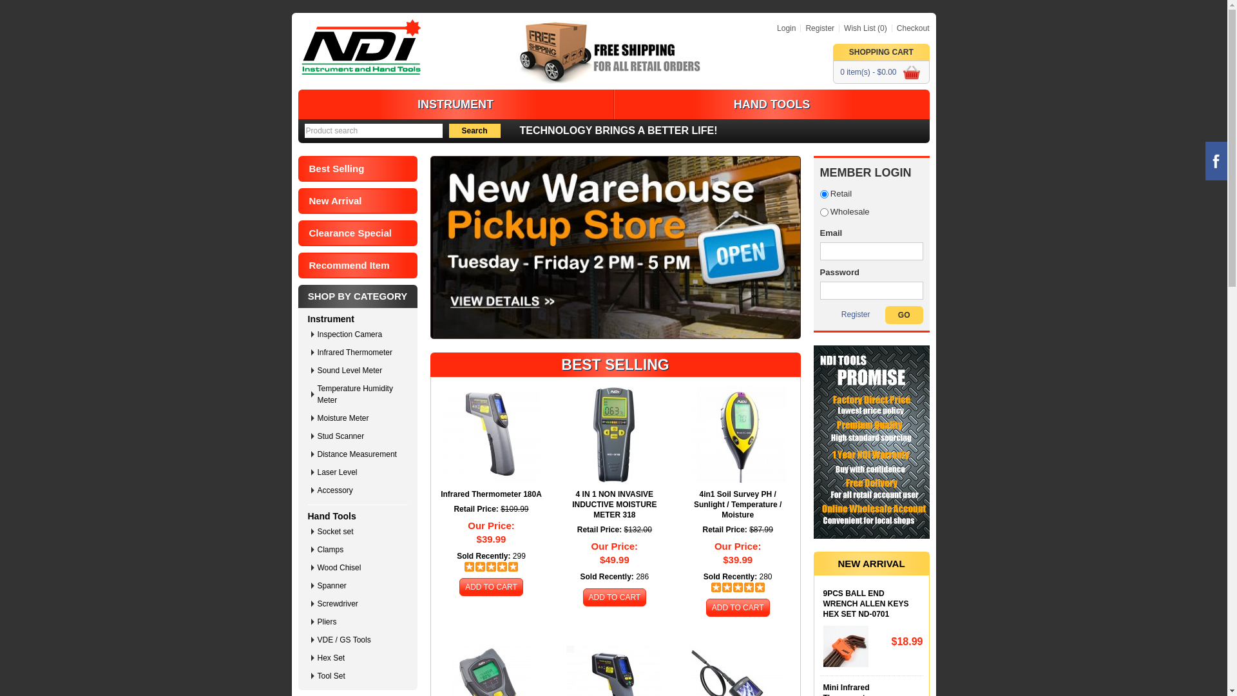 The height and width of the screenshot is (696, 1237). I want to click on 'Screwdriver', so click(360, 604).